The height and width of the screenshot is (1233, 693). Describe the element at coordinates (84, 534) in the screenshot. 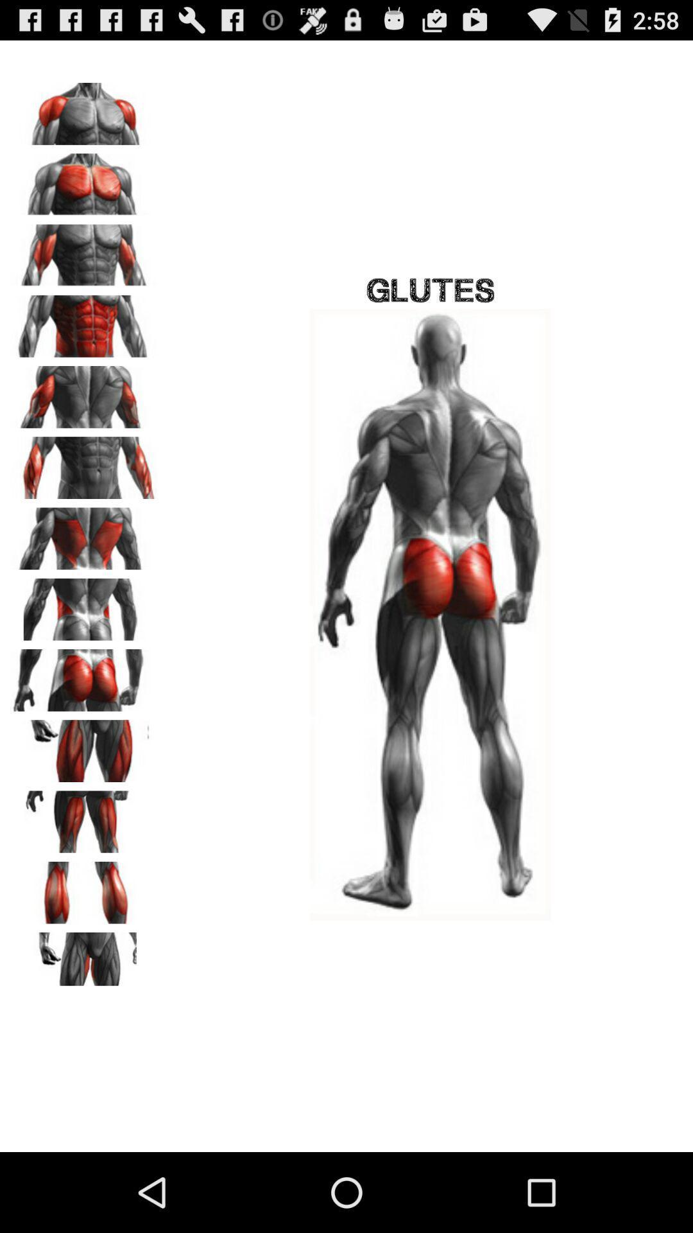

I see `back` at that location.